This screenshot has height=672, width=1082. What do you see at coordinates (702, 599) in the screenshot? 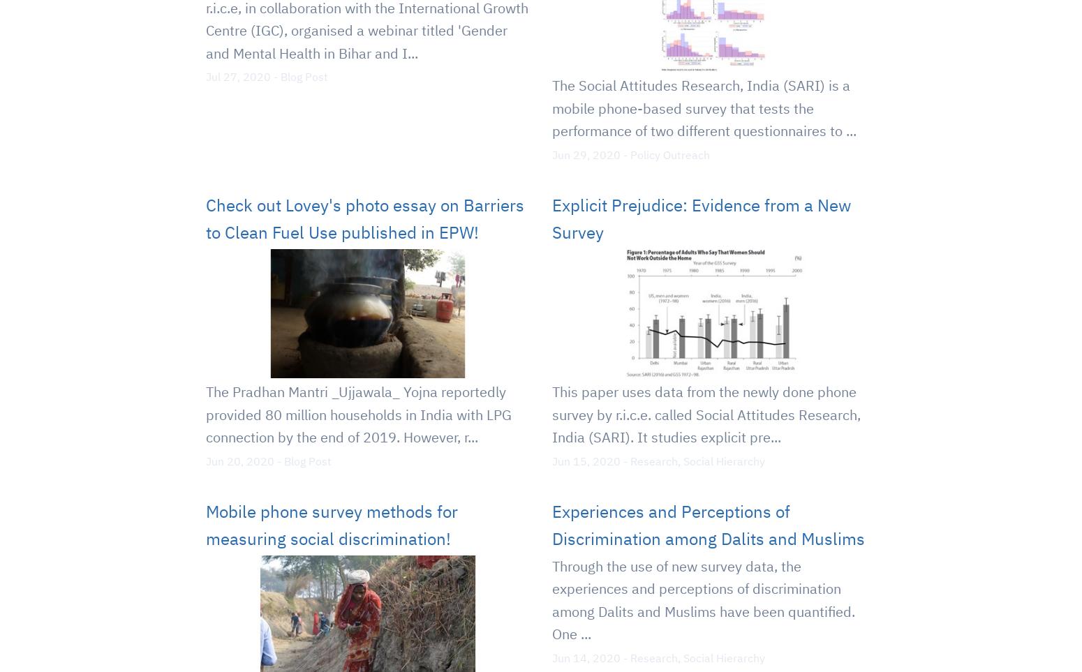
I see `'Through the use of new survey data, the experiences and perceptions of discrimination among Dalits and Muslims have been quantified. One ...'` at bounding box center [702, 599].